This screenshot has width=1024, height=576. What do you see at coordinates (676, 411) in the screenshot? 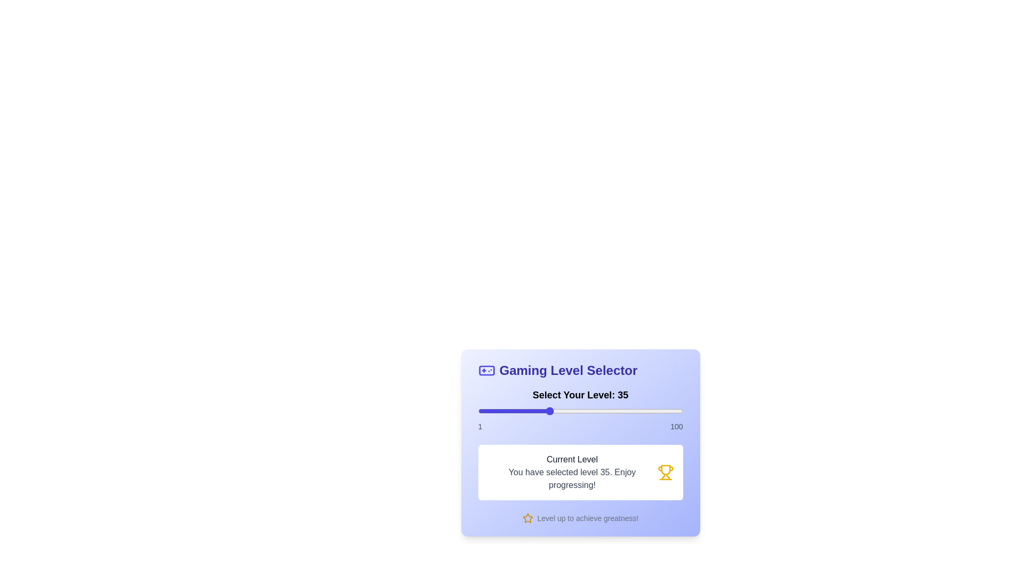
I see `the gaming level` at bounding box center [676, 411].